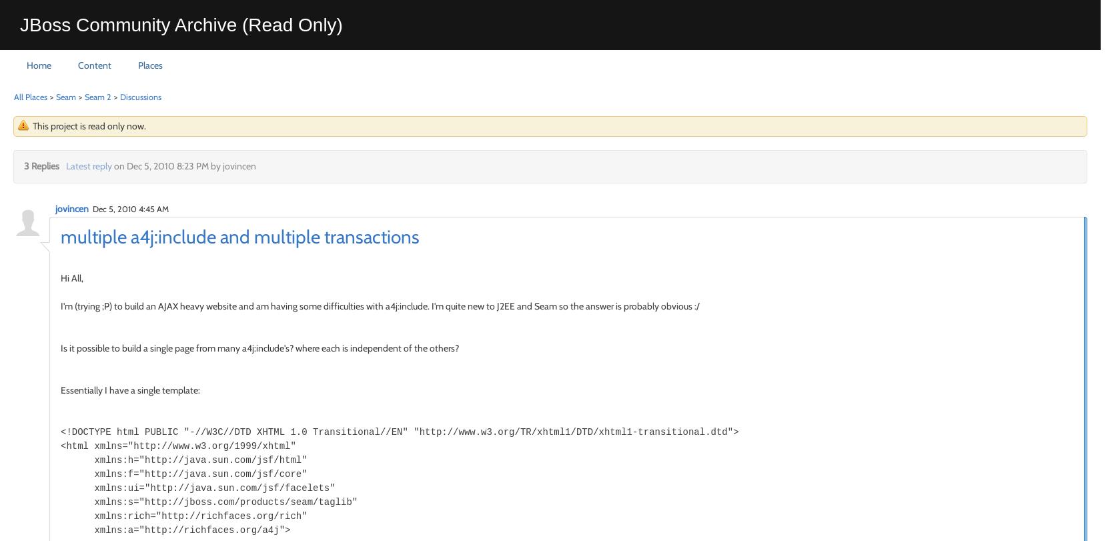 Image resolution: width=1114 pixels, height=541 pixels. Describe the element at coordinates (71, 276) in the screenshot. I see `'Hi All,'` at that location.